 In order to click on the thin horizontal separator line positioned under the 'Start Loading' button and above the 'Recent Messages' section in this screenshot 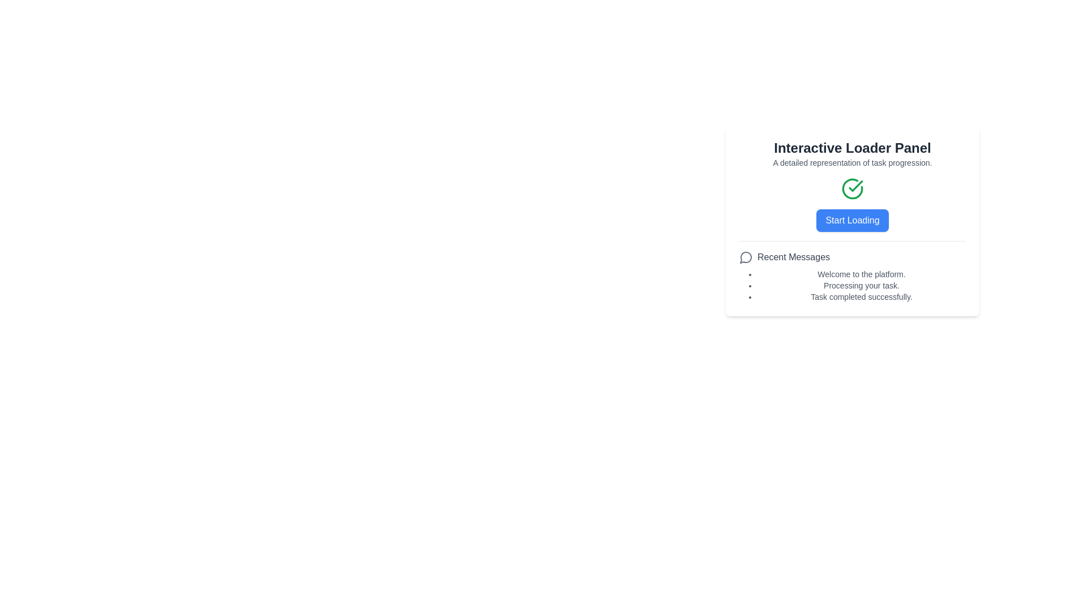, I will do `click(853, 240)`.